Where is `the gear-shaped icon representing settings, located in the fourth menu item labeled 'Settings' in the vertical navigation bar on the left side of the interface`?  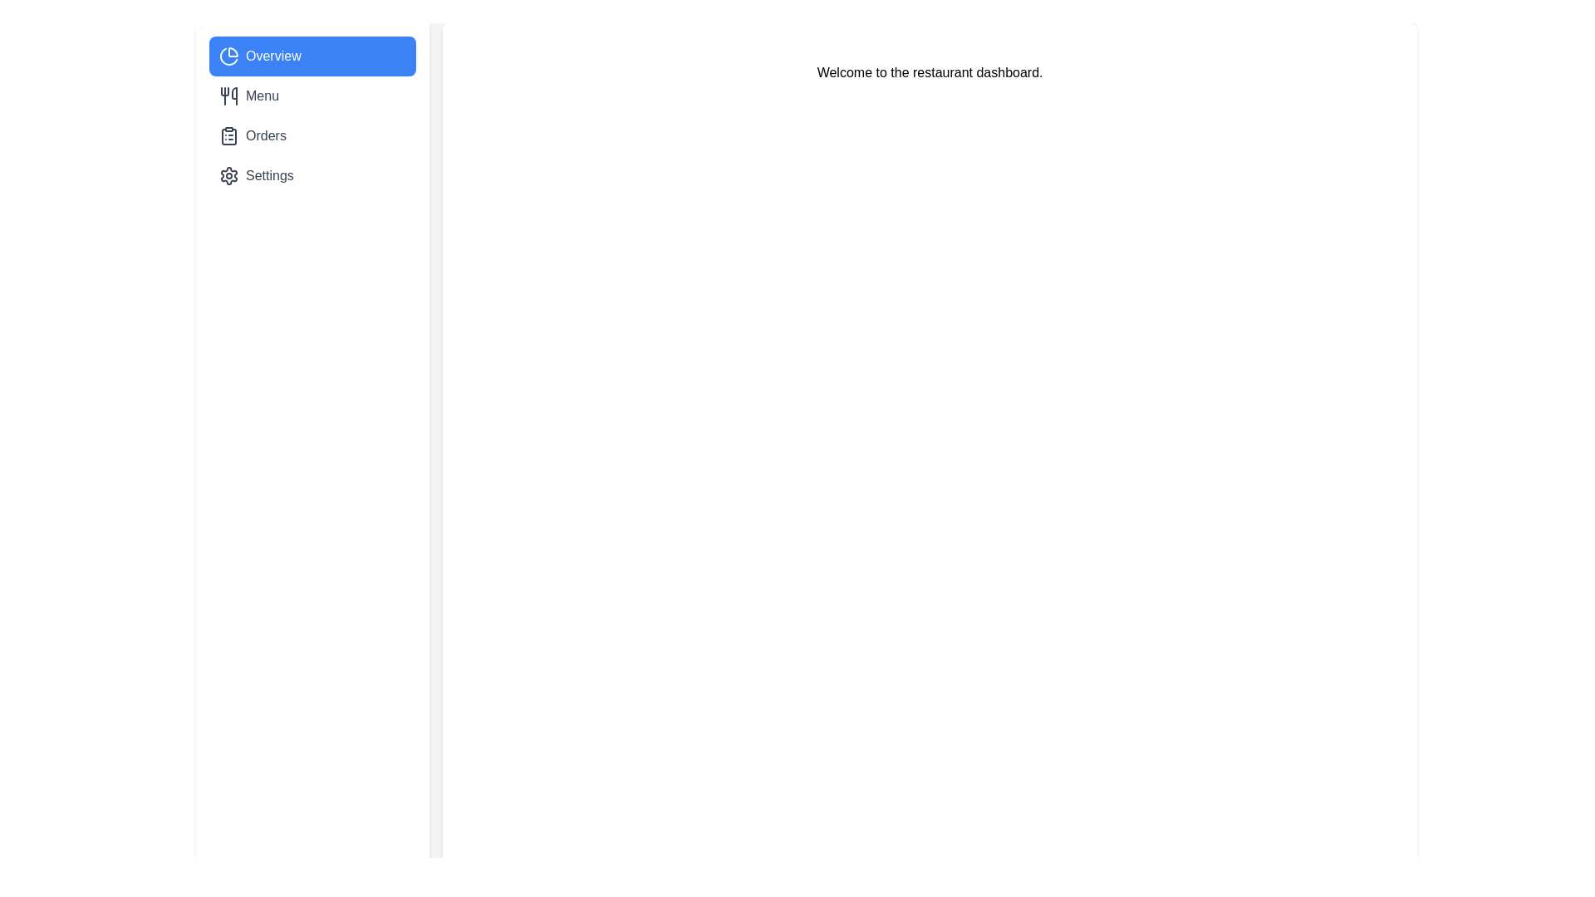 the gear-shaped icon representing settings, located in the fourth menu item labeled 'Settings' in the vertical navigation bar on the left side of the interface is located at coordinates (228, 176).